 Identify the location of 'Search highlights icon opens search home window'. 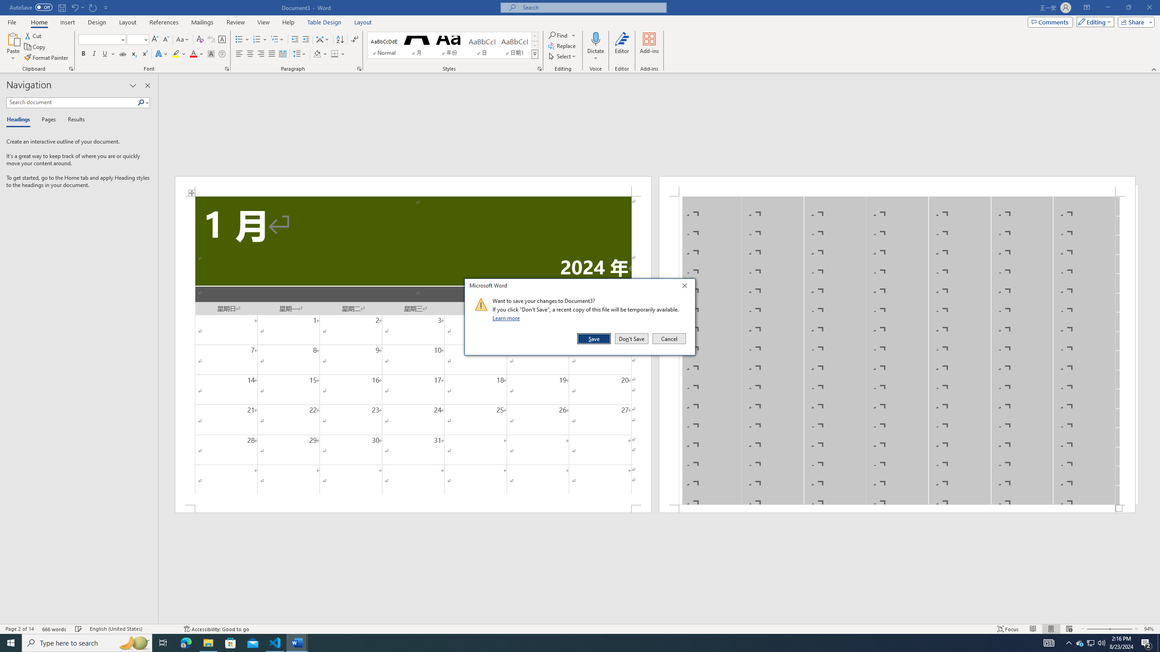
(133, 642).